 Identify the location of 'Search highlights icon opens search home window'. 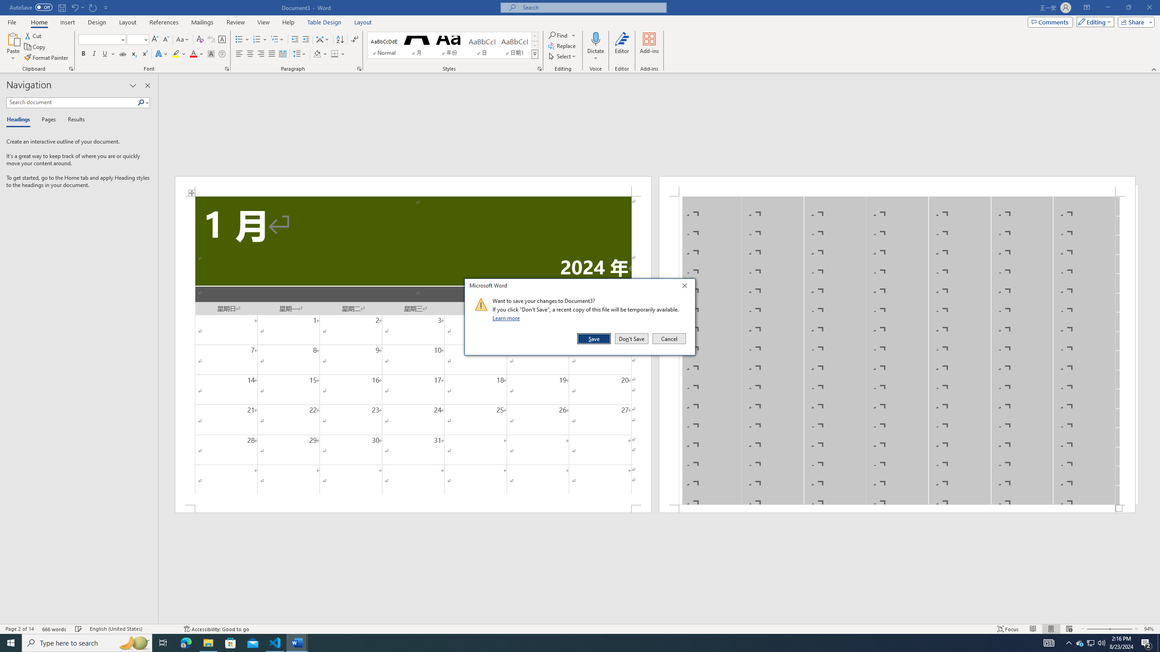
(133, 642).